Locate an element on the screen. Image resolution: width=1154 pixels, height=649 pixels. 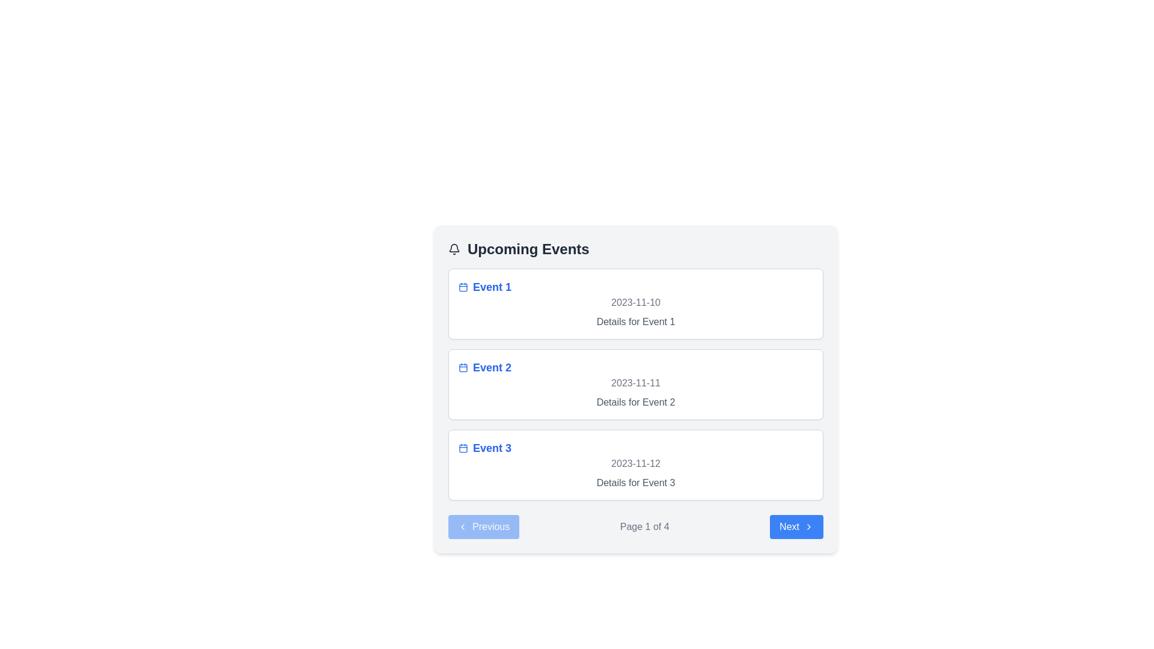
red rounded rectangle graphical icon component representing the calendar for 'Event 3', which is the third item in the events list is located at coordinates (463, 448).